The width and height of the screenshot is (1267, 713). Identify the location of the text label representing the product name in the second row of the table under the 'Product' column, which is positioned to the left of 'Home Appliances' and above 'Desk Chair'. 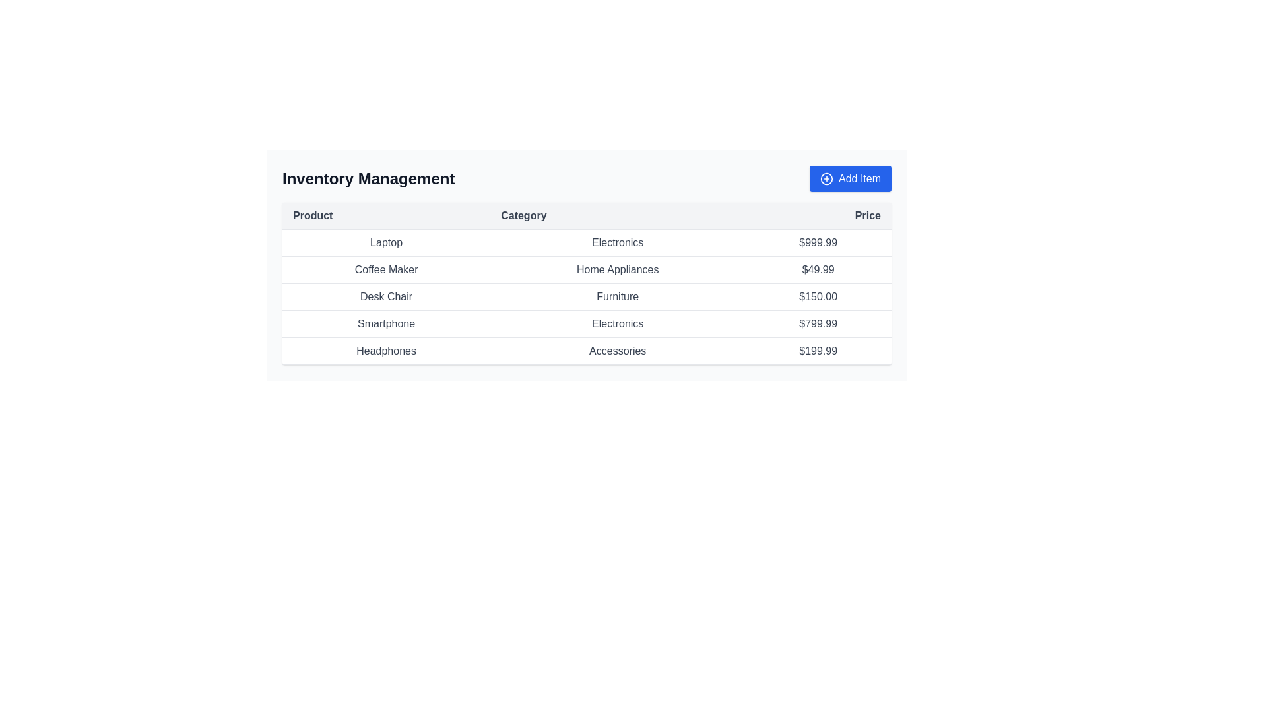
(385, 269).